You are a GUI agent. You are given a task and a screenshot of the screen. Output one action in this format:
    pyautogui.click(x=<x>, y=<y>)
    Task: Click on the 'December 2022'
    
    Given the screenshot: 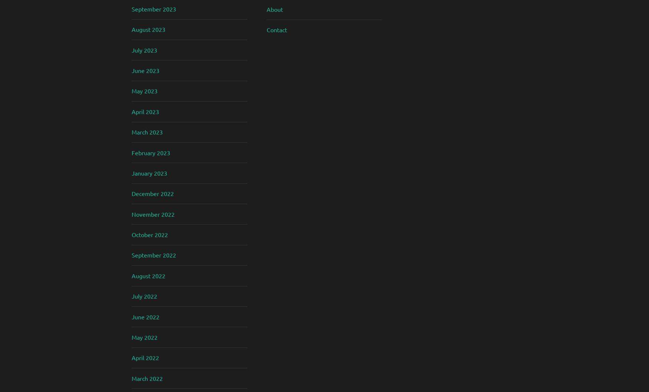 What is the action you would take?
    pyautogui.click(x=152, y=193)
    